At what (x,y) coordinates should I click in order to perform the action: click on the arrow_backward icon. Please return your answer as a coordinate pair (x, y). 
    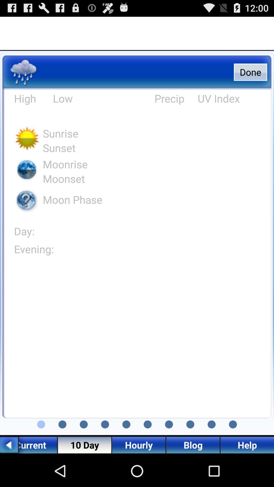
    Looking at the image, I should click on (12, 476).